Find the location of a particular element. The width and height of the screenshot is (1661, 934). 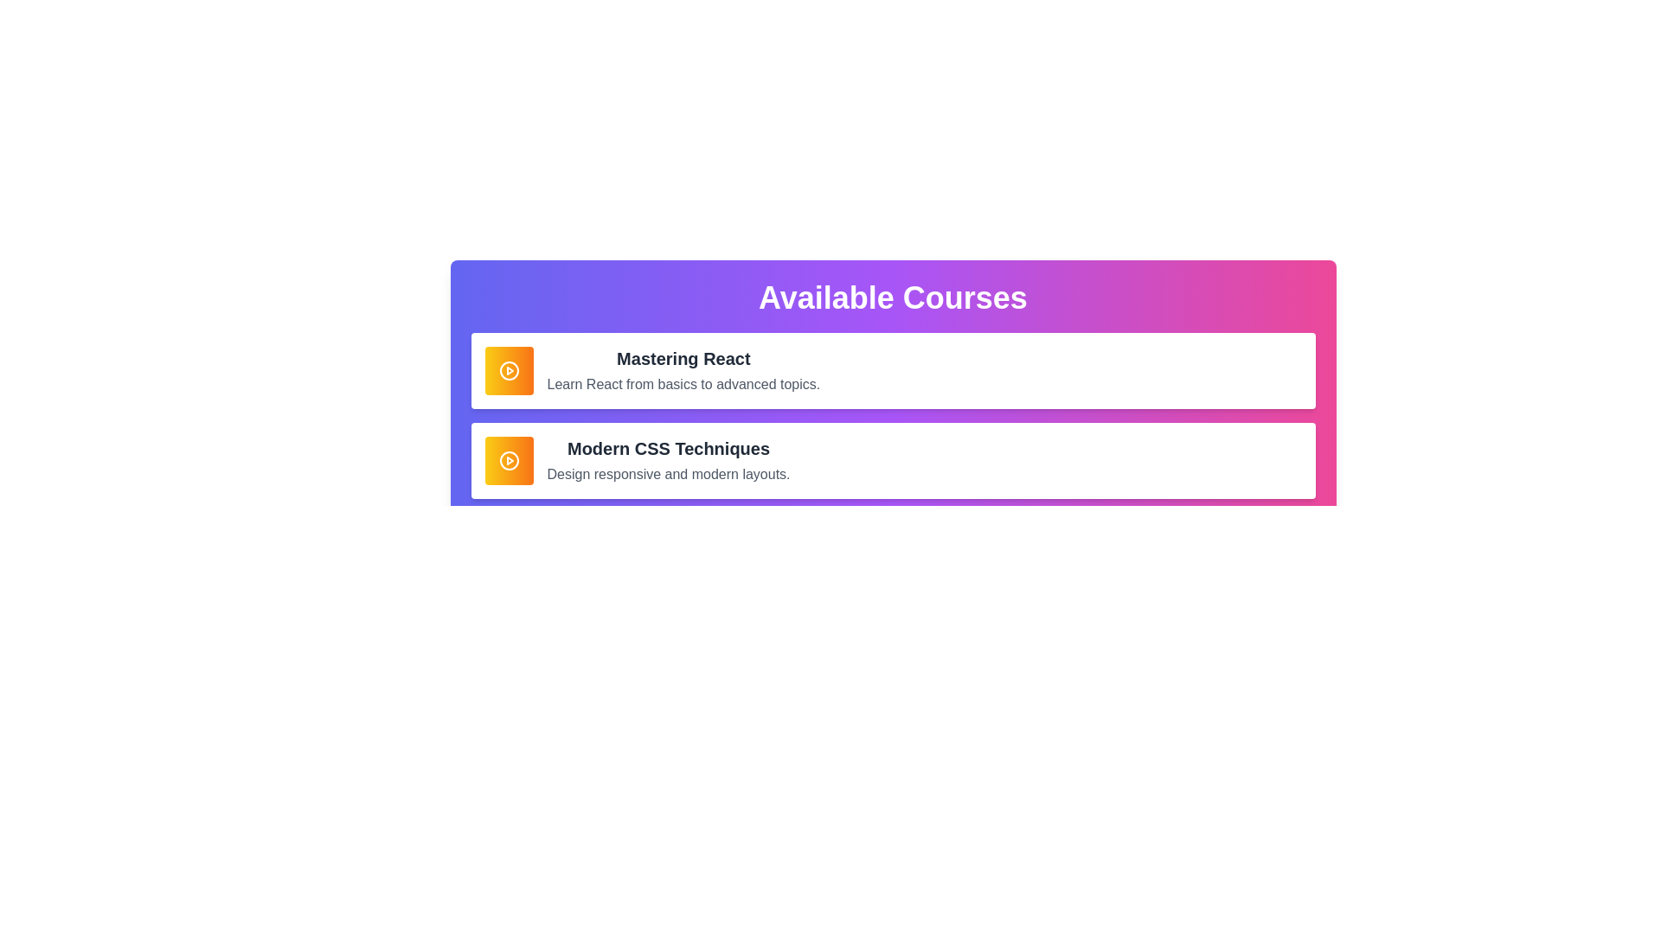

the Text Label that reads 'Design responsive and modern layouts.' which is positioned below the heading 'Modern CSS Techniques' within the second section of the courses list is located at coordinates (667, 474).